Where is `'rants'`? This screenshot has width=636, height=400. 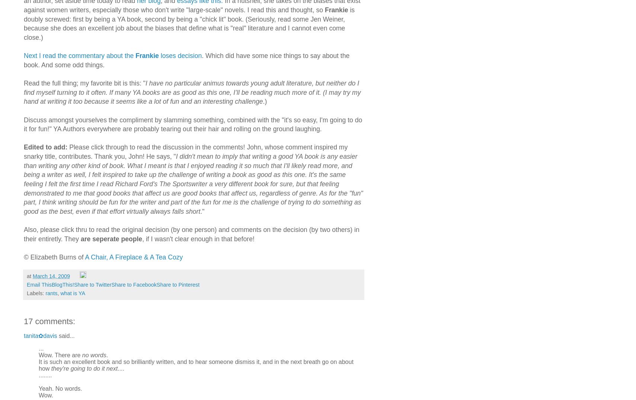 'rants' is located at coordinates (51, 293).